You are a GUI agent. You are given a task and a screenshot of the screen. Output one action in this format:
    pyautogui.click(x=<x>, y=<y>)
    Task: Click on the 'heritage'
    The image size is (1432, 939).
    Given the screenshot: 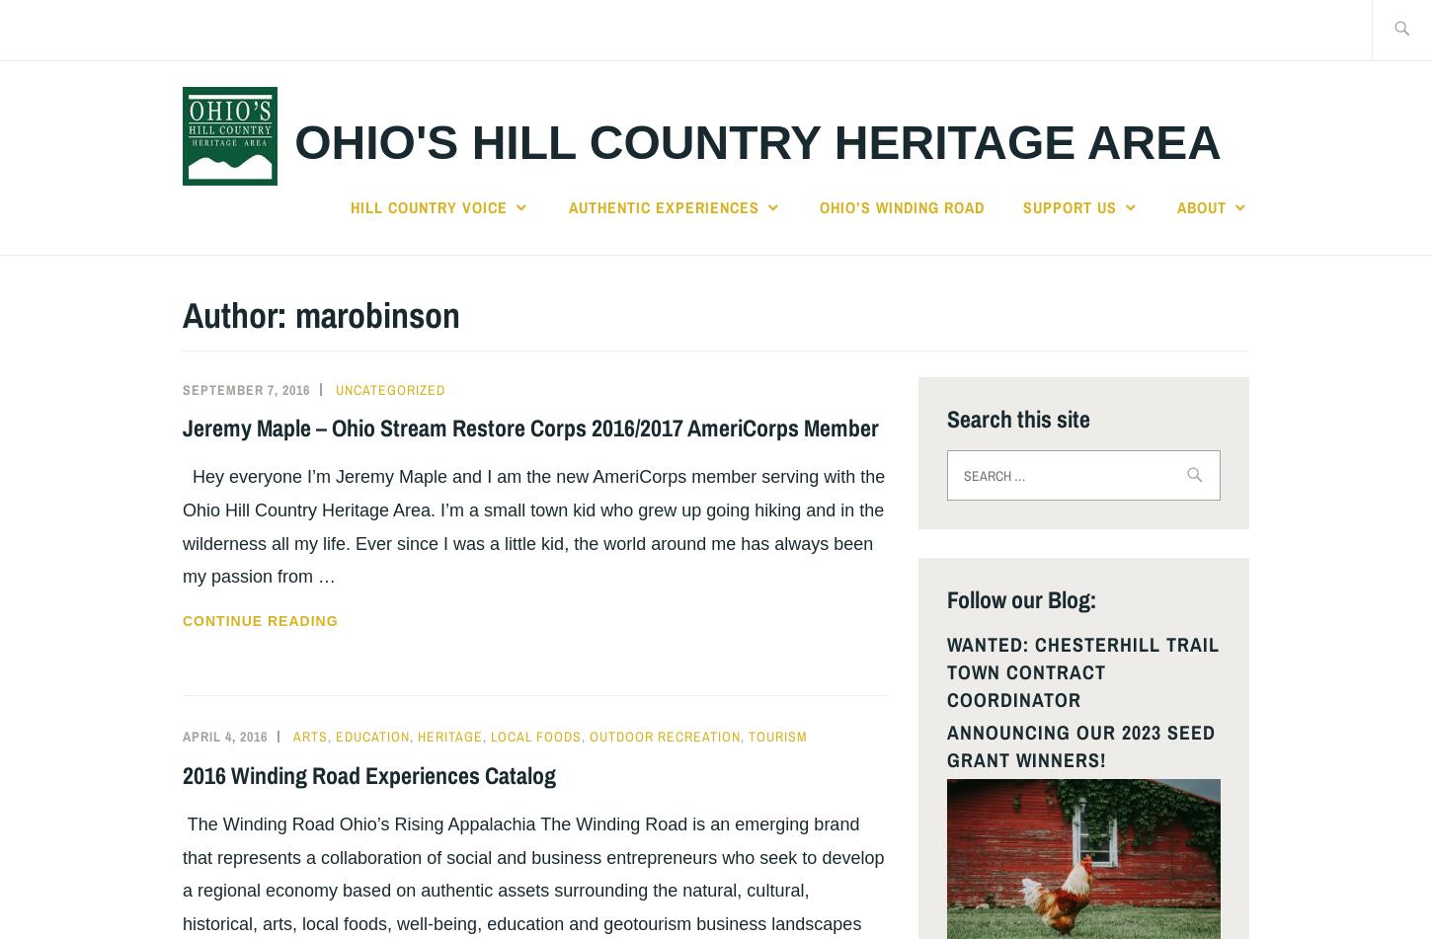 What is the action you would take?
    pyautogui.click(x=449, y=735)
    